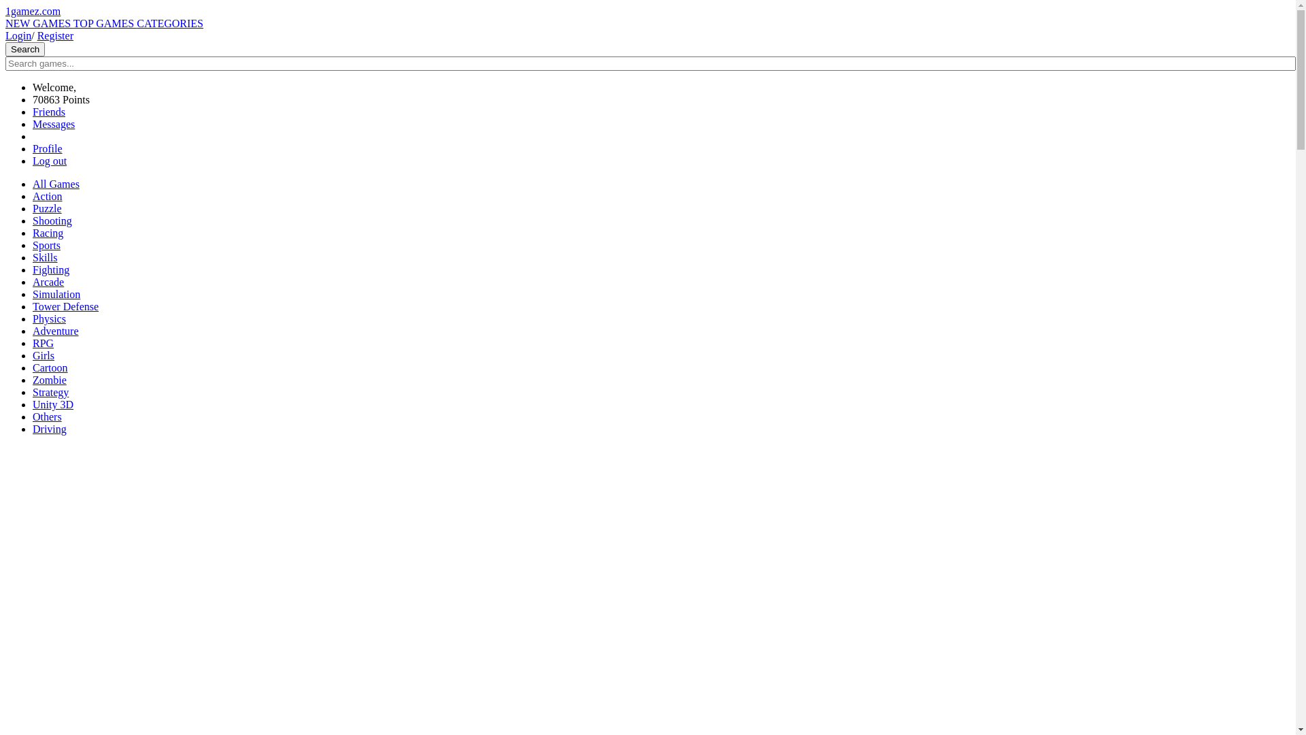 This screenshot has height=735, width=1306. Describe the element at coordinates (53, 124) in the screenshot. I see `'Messages'` at that location.